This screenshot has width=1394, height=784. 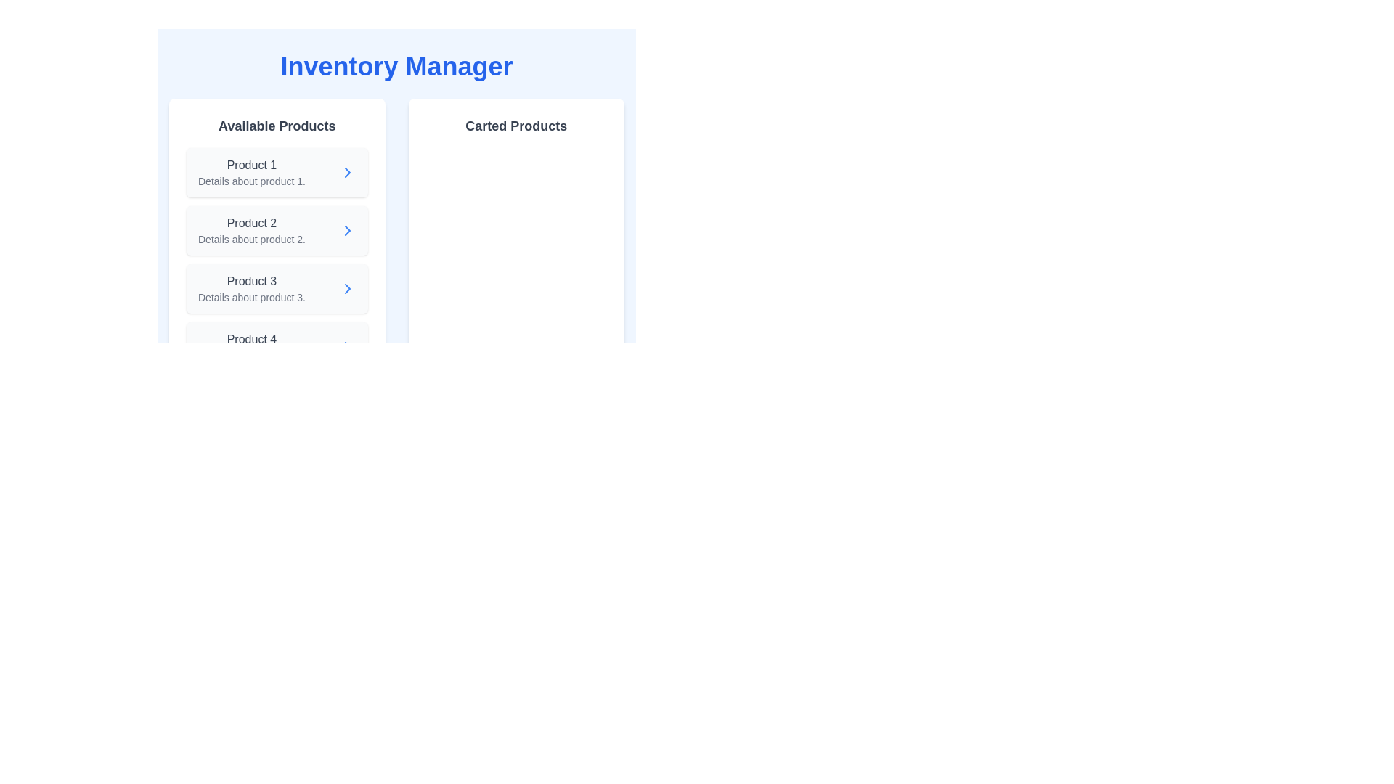 What do you see at coordinates (251, 288) in the screenshot?
I see `the List Item displaying 'Product 3'` at bounding box center [251, 288].